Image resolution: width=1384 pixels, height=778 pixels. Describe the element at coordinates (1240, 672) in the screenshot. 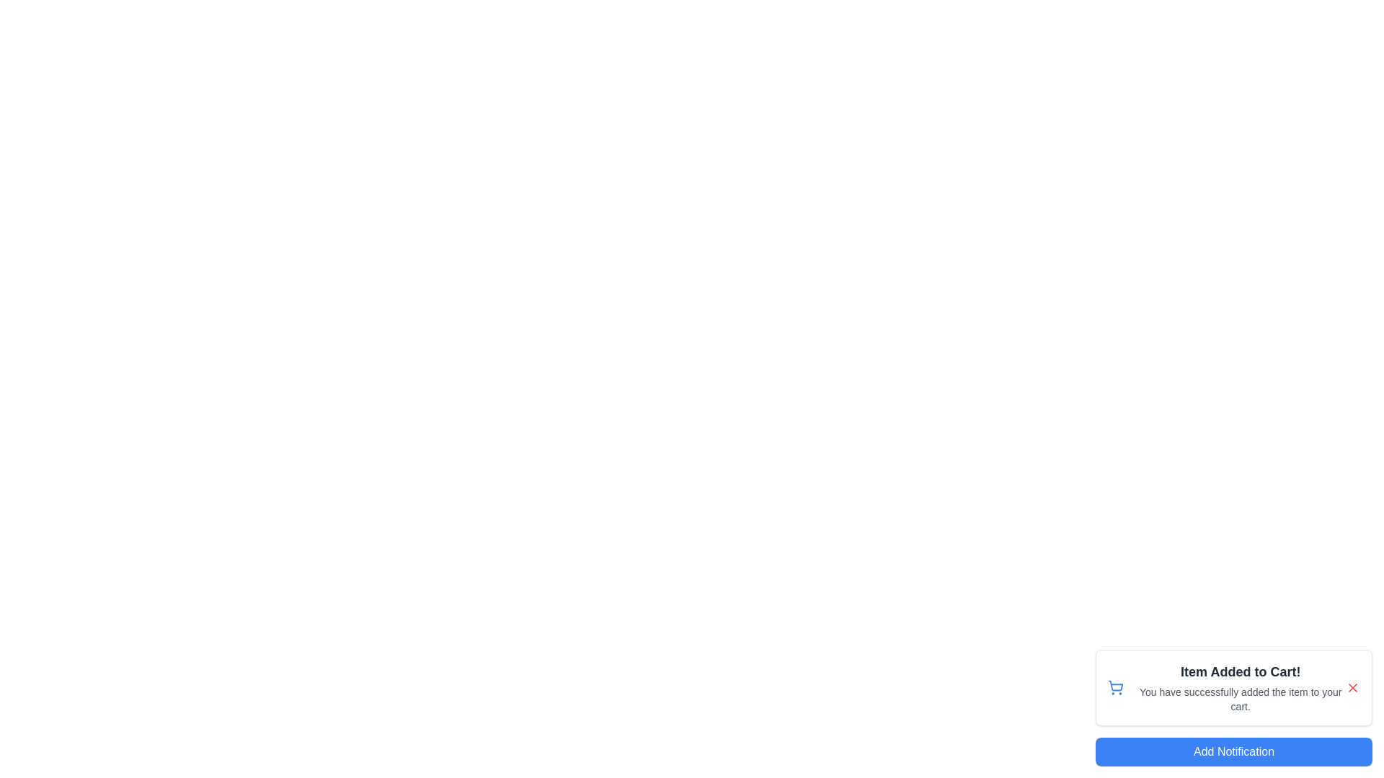

I see `the bold, larger-sized dark gray text label that reads 'Item Added to Cart!' located at the top center of the notification card` at that location.